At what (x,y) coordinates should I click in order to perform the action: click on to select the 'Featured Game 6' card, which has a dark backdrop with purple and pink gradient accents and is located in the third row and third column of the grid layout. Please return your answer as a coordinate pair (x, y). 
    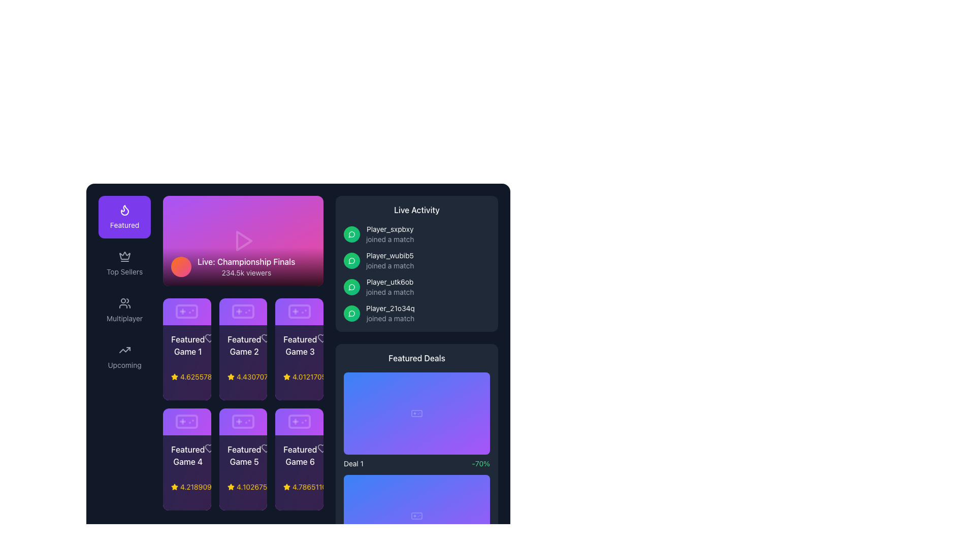
    Looking at the image, I should click on (299, 459).